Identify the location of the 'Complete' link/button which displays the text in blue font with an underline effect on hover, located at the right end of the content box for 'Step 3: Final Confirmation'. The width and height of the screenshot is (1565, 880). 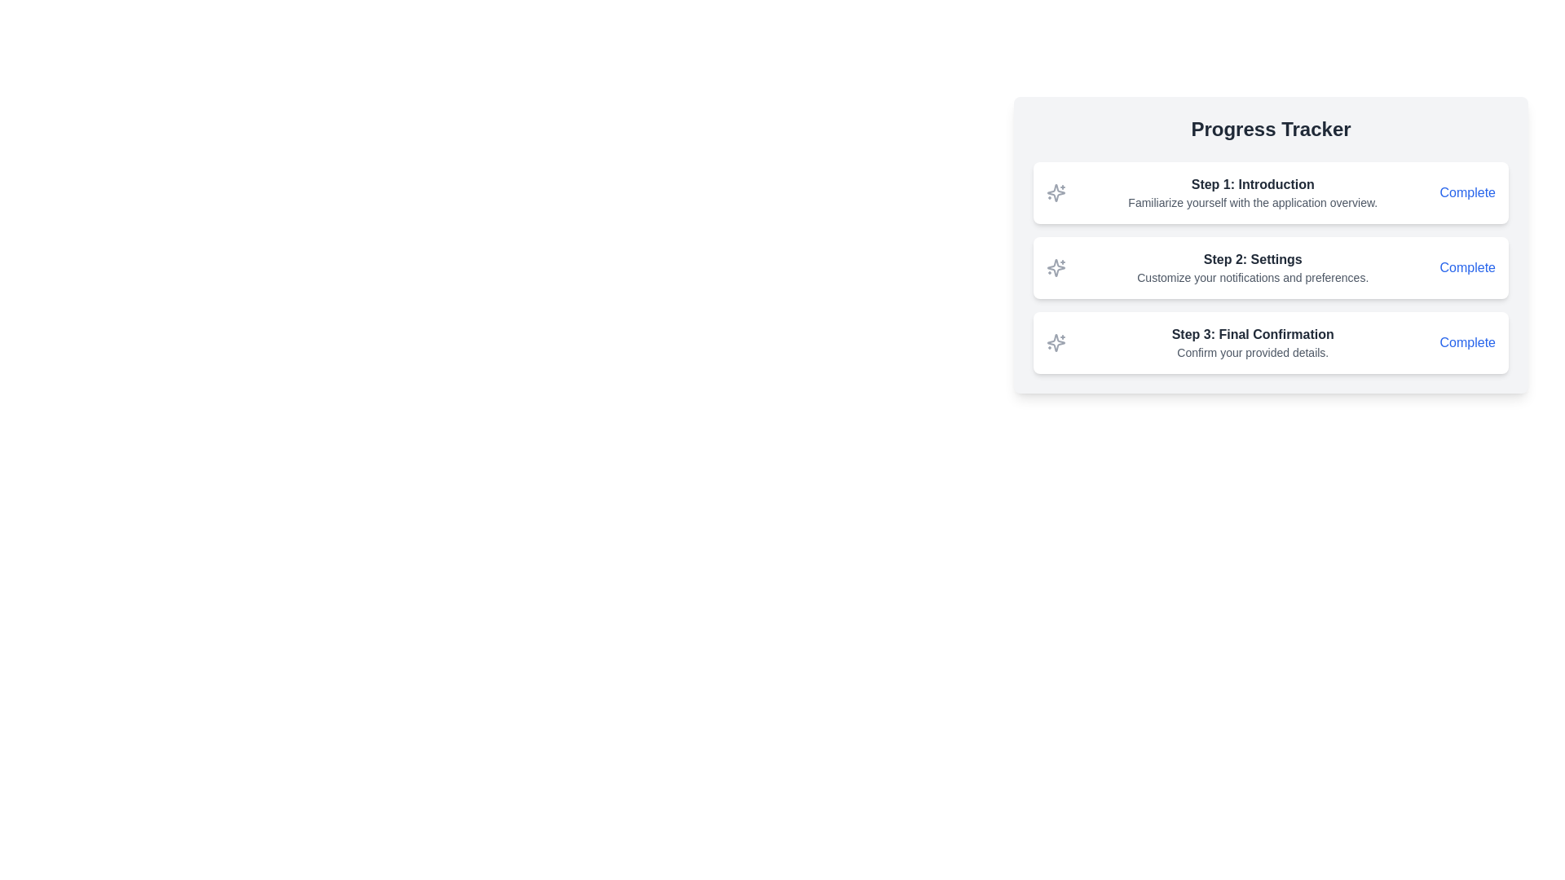
(1467, 341).